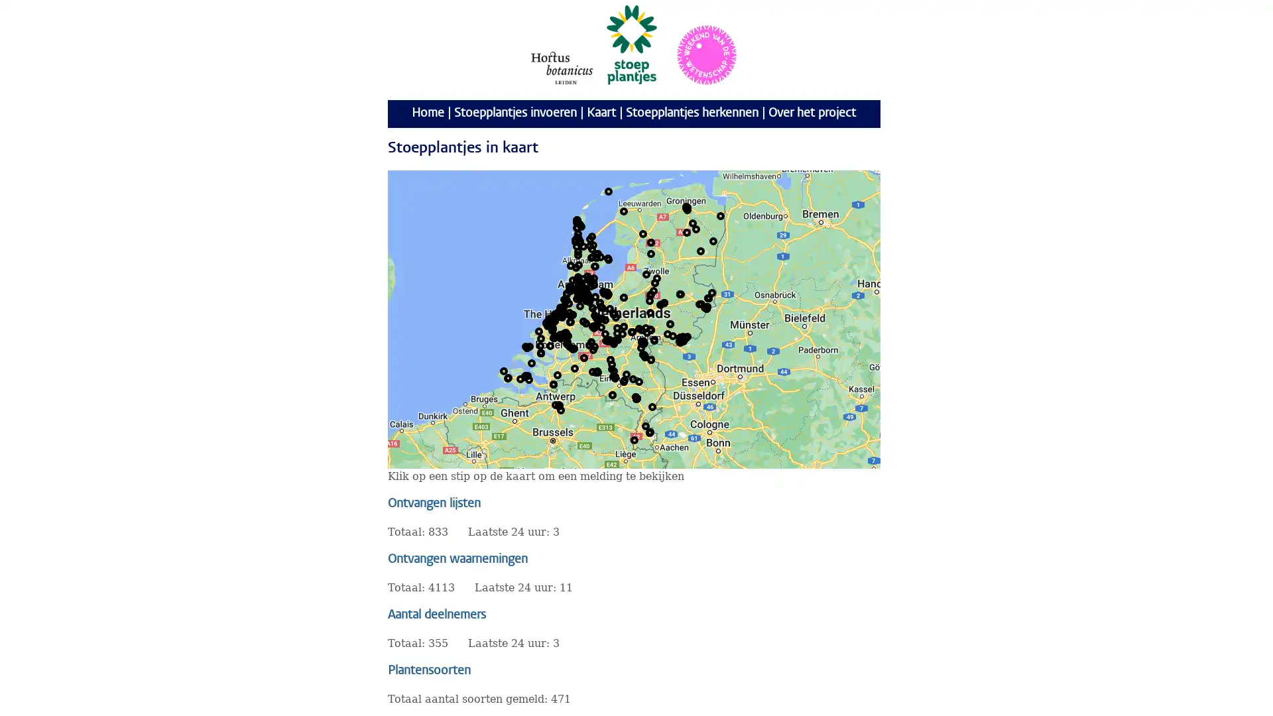 This screenshot has height=716, width=1273. I want to click on Telling van Daphne op 03 maart 2022, so click(570, 315).